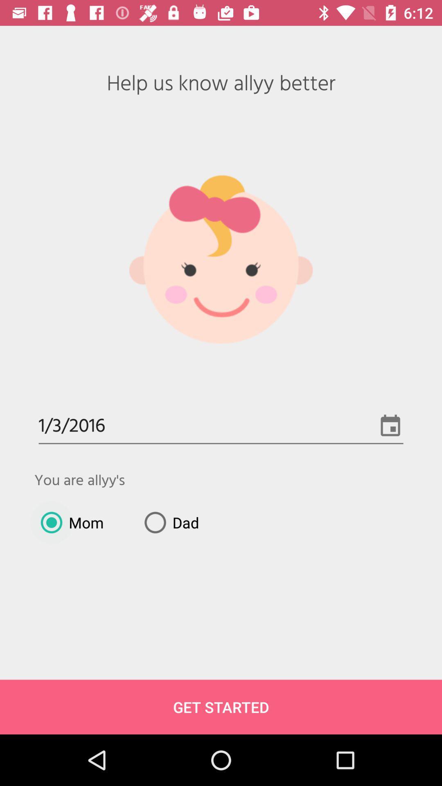  What do you see at coordinates (221, 426) in the screenshot?
I see `the 1/3/2016 item` at bounding box center [221, 426].